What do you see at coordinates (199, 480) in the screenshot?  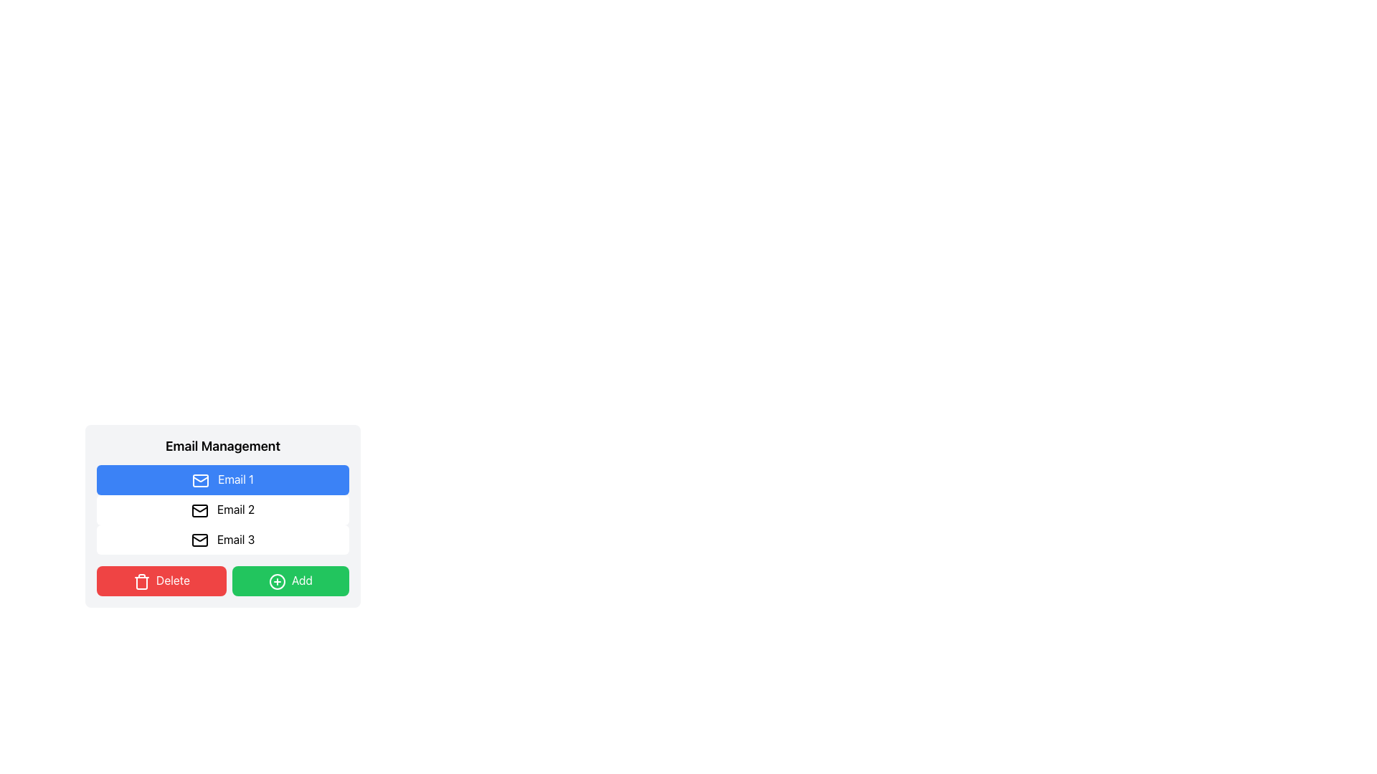 I see `the envelope icon representing the 'Email 1' button located to the left of the text 'Email 1' in the blue rectangular button within the 'Email Management' section` at bounding box center [199, 480].